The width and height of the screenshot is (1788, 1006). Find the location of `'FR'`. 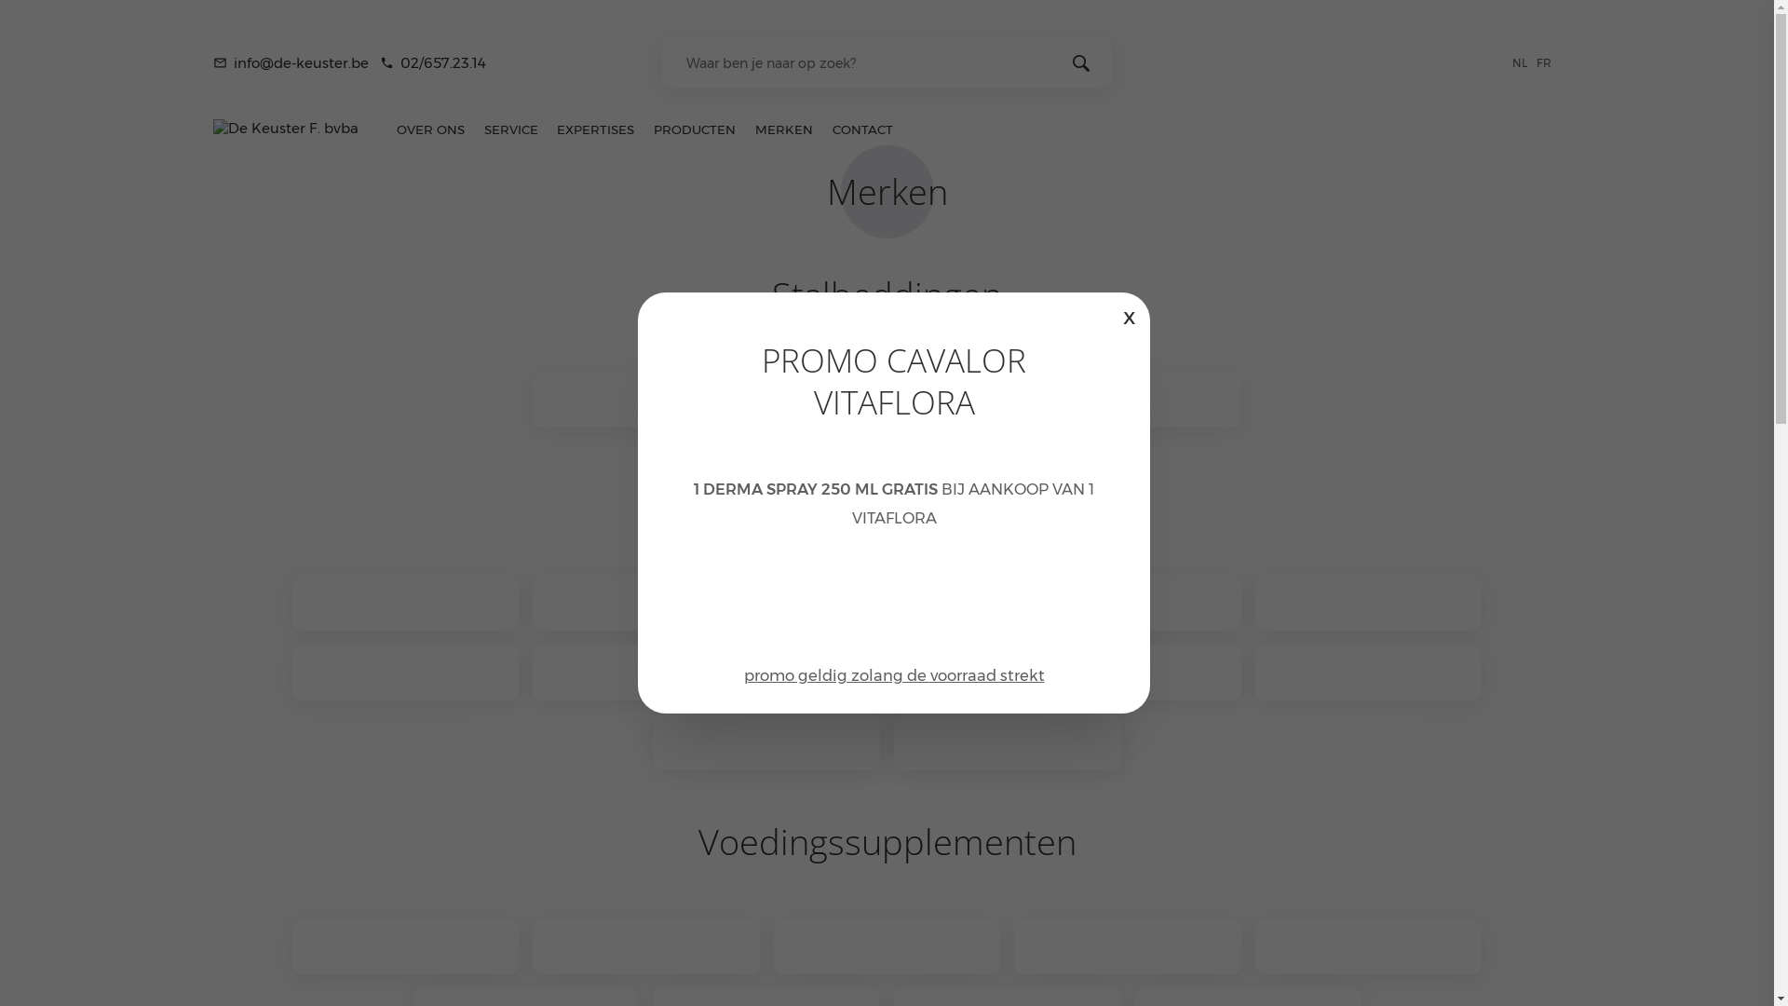

'FR' is located at coordinates (1547, 61).